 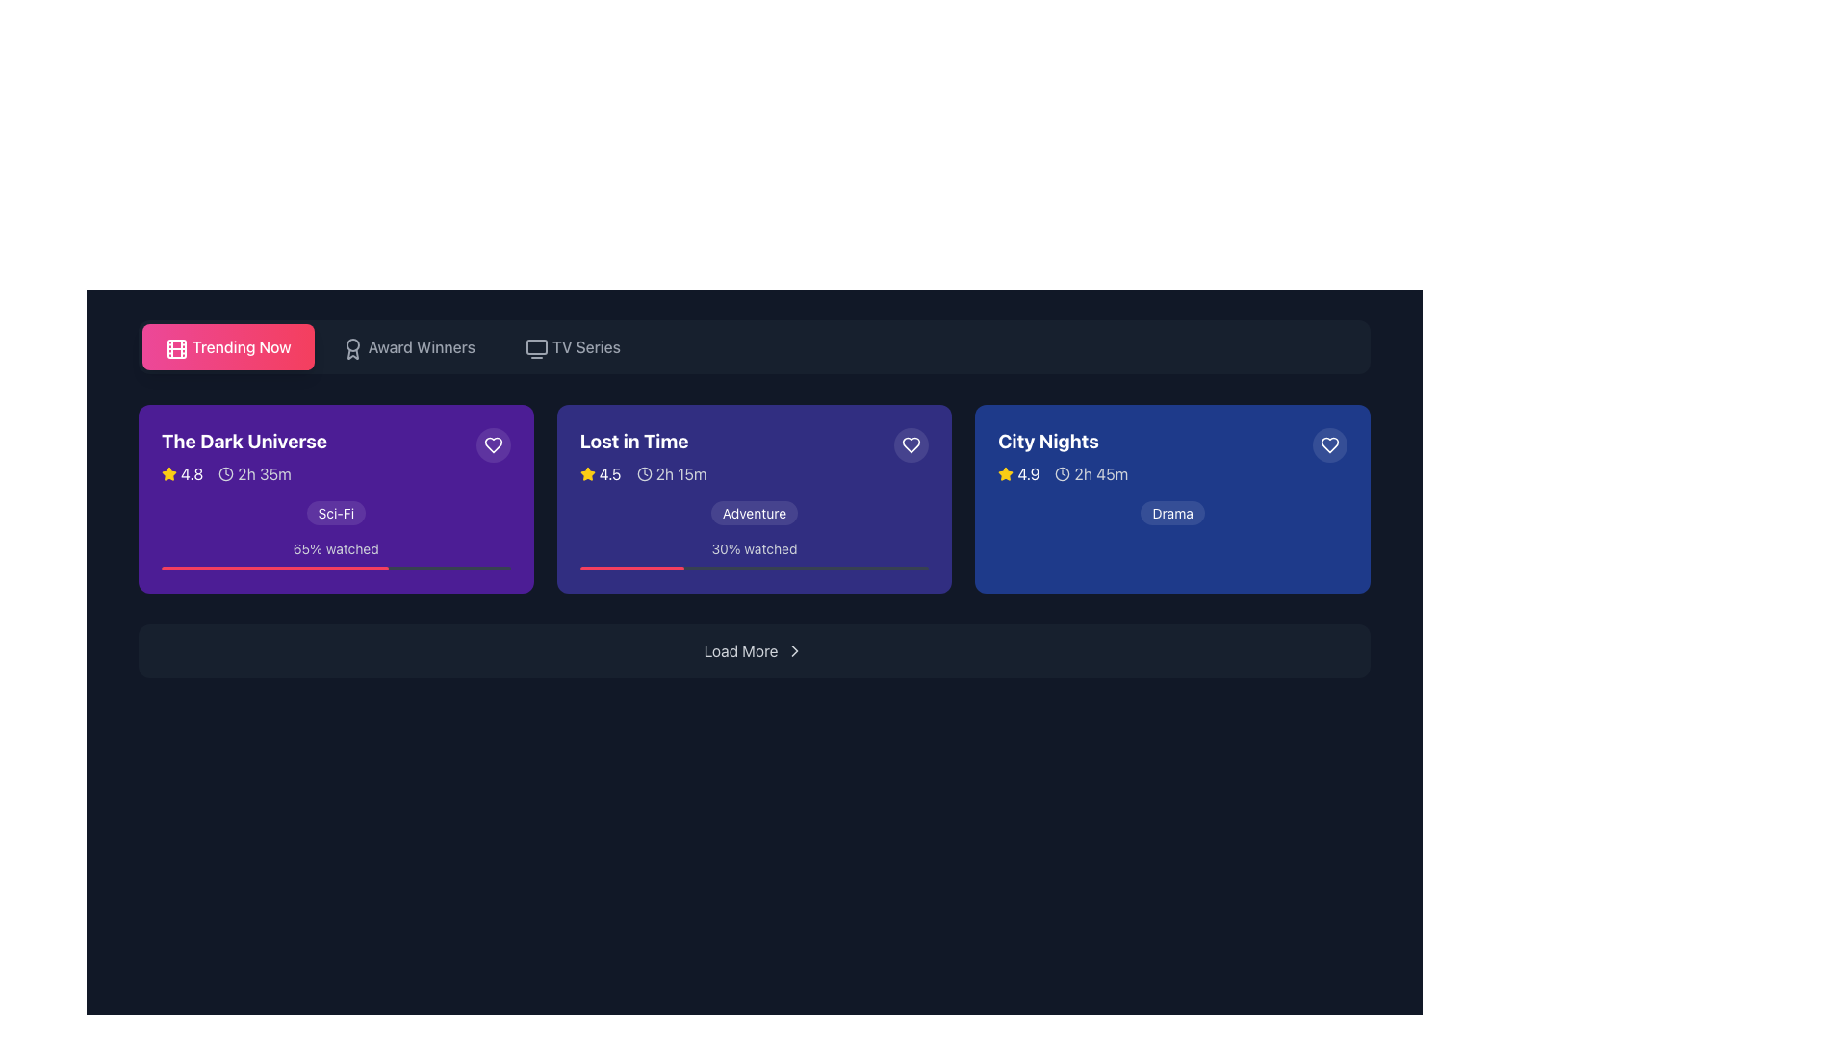 I want to click on the 'TV Series' category selection button, so click(x=585, y=347).